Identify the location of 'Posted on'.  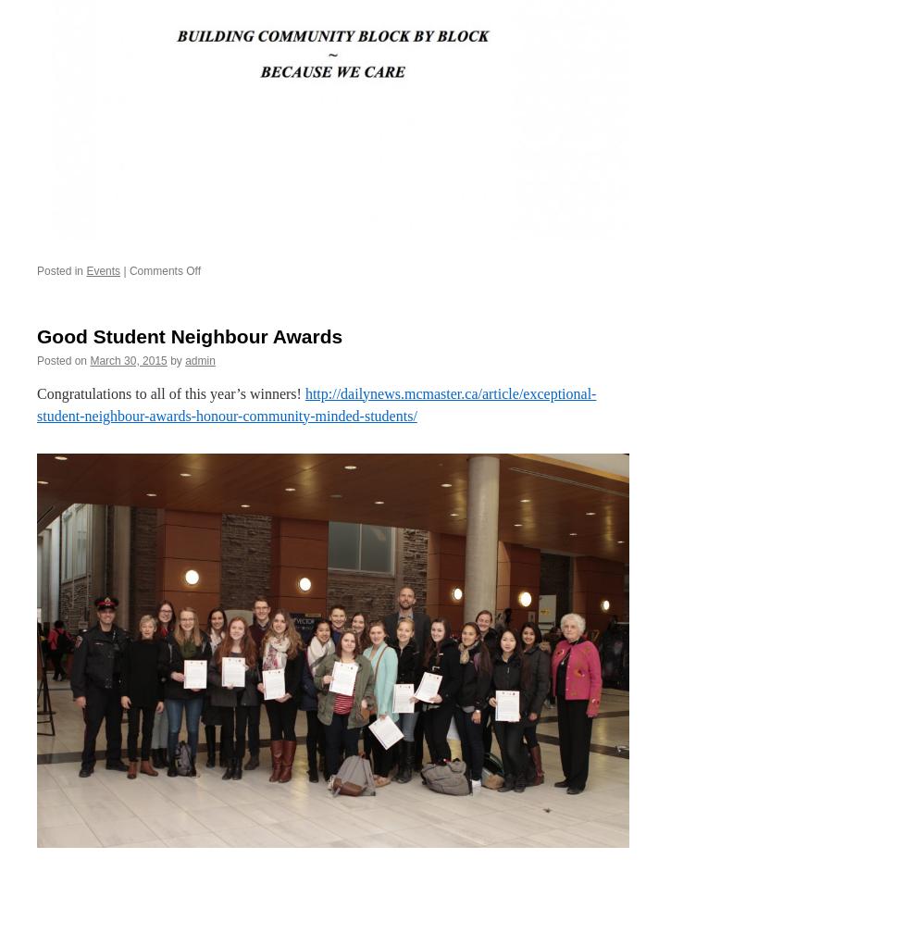
(62, 358).